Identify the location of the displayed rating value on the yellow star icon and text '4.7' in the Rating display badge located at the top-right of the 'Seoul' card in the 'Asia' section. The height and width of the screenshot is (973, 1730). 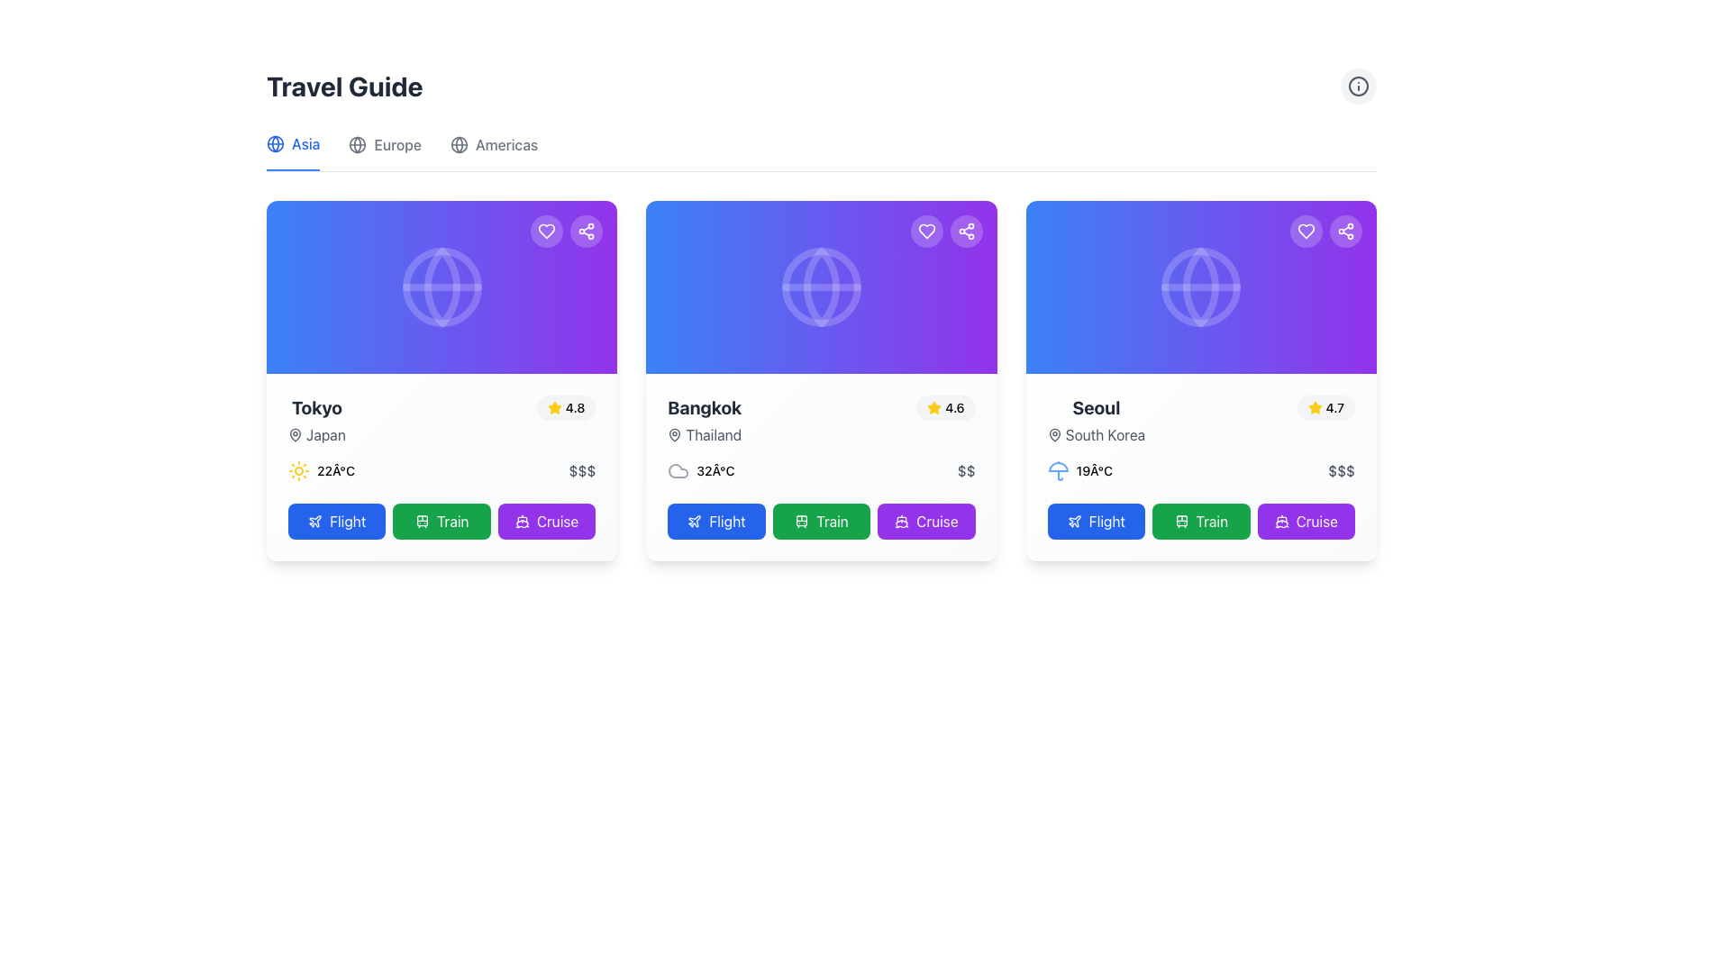
(1325, 407).